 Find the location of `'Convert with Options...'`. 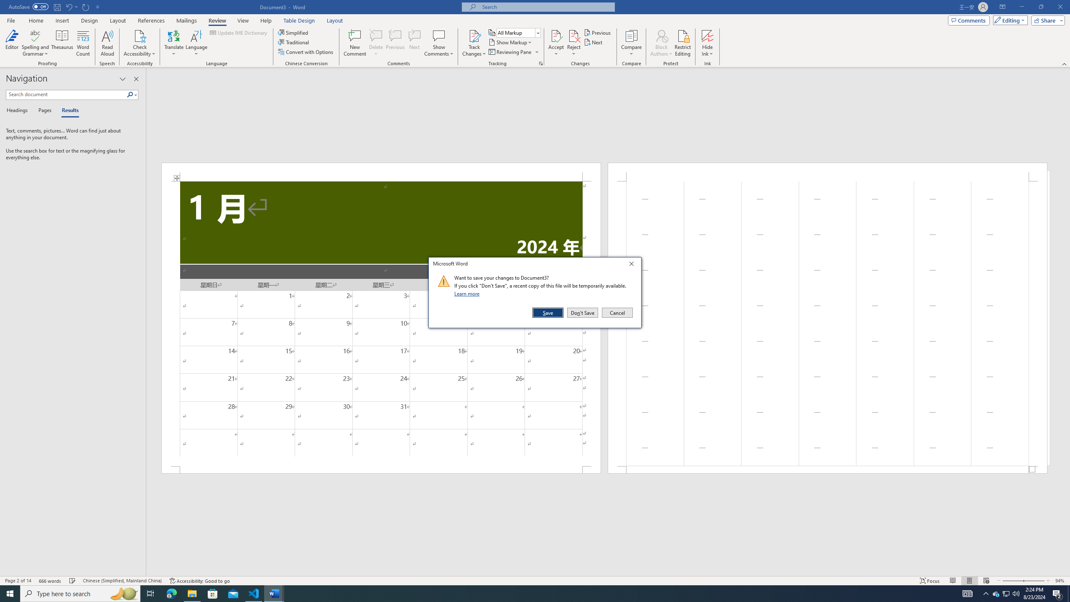

'Convert with Options...' is located at coordinates (306, 51).